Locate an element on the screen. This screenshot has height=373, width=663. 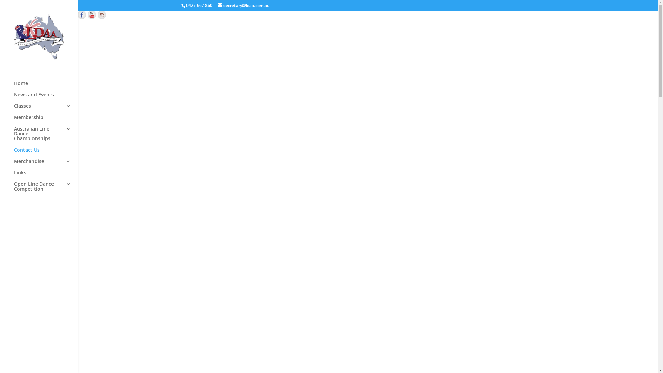
'Open Line Dance Competition' is located at coordinates (45, 190).